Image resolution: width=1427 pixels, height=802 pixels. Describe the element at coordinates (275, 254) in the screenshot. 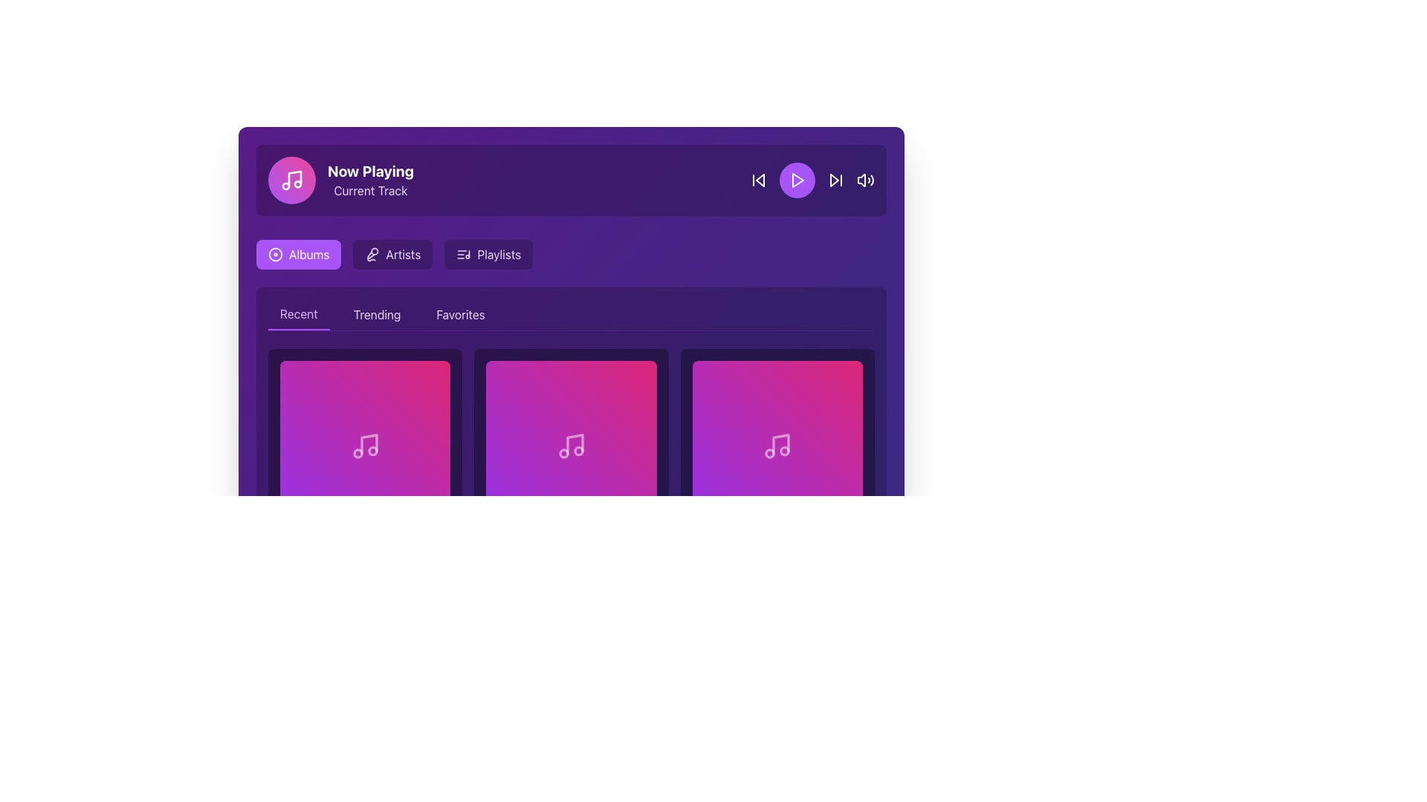

I see `the 'Albums' button` at that location.